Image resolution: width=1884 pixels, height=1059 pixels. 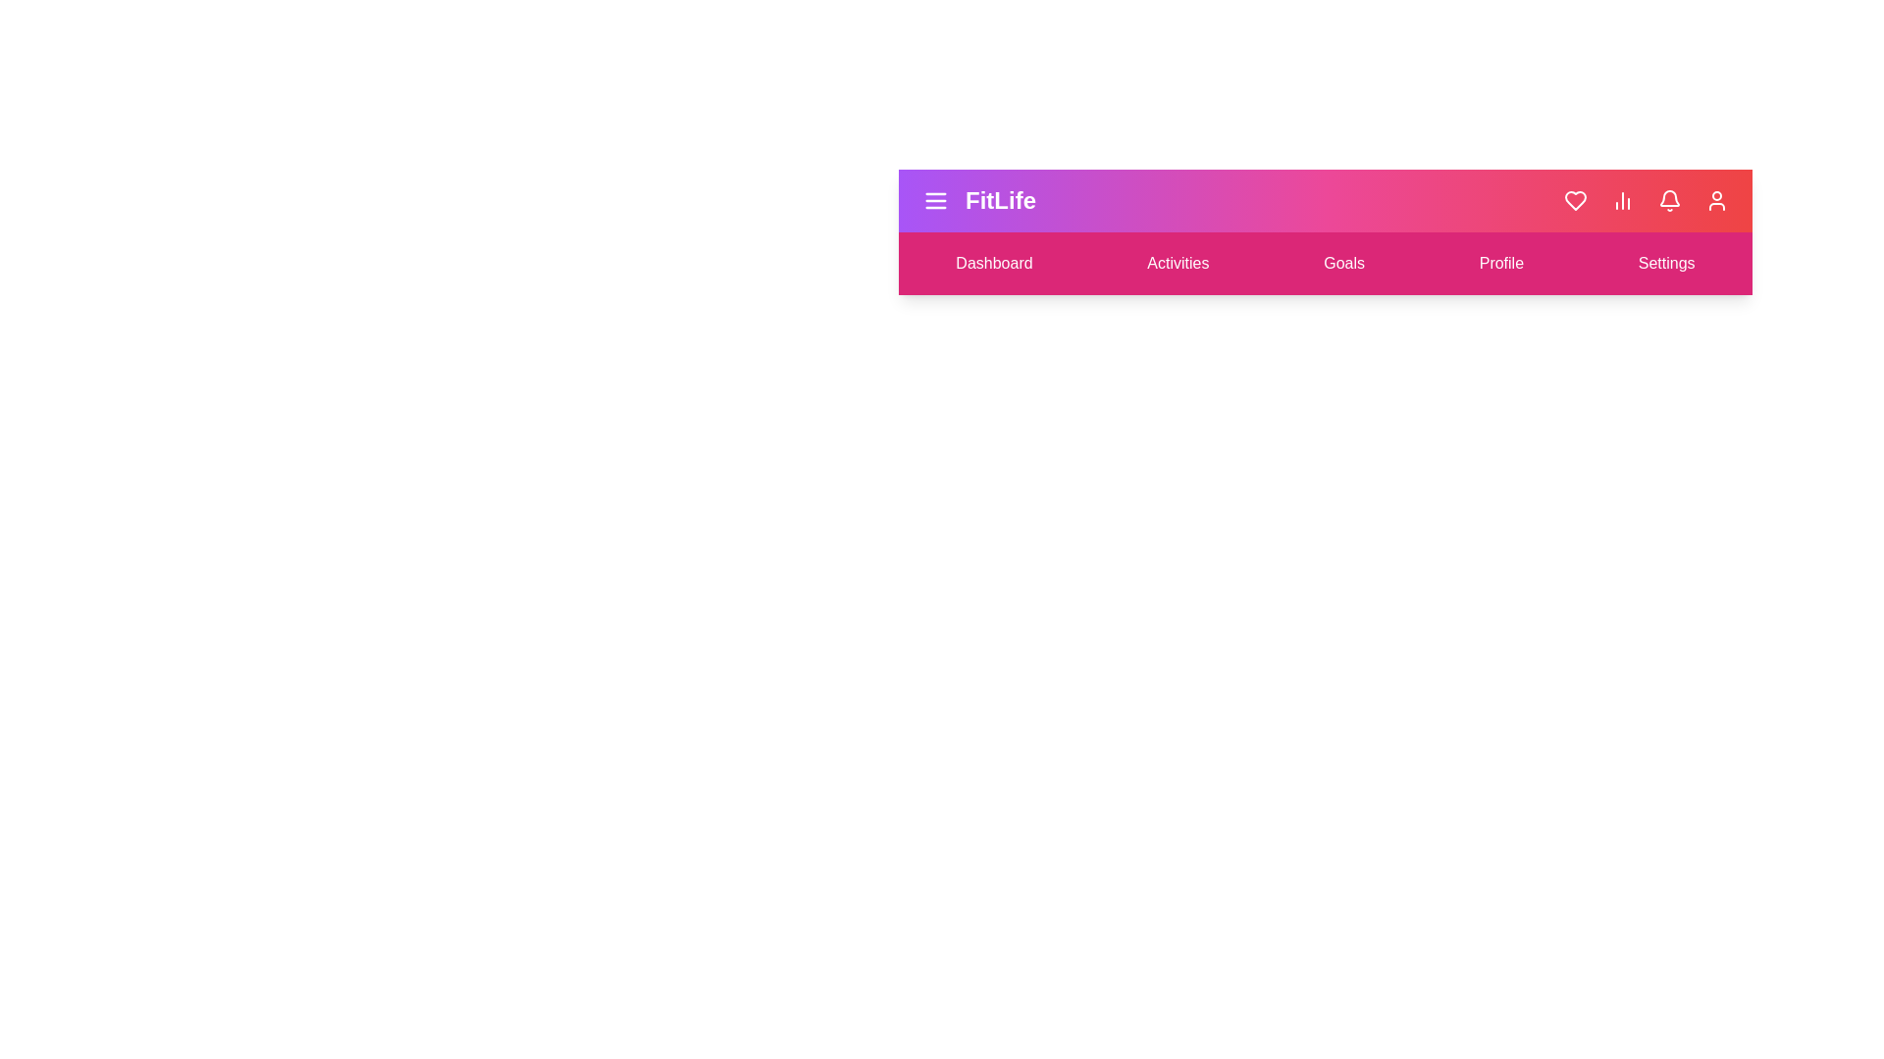 What do you see at coordinates (1669, 200) in the screenshot?
I see `the bell icon to view notifications` at bounding box center [1669, 200].